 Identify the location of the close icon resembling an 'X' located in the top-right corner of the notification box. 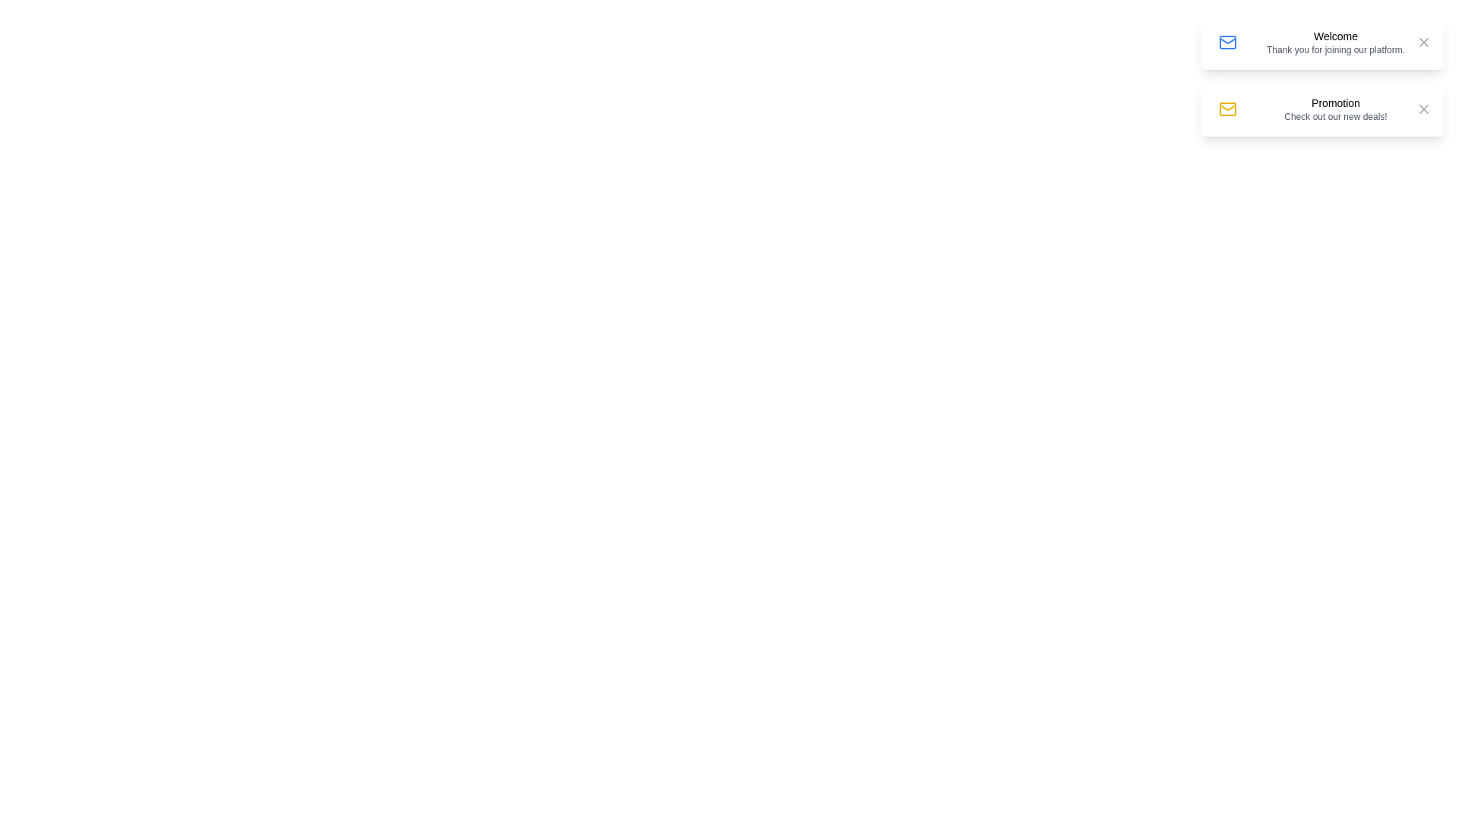
(1423, 108).